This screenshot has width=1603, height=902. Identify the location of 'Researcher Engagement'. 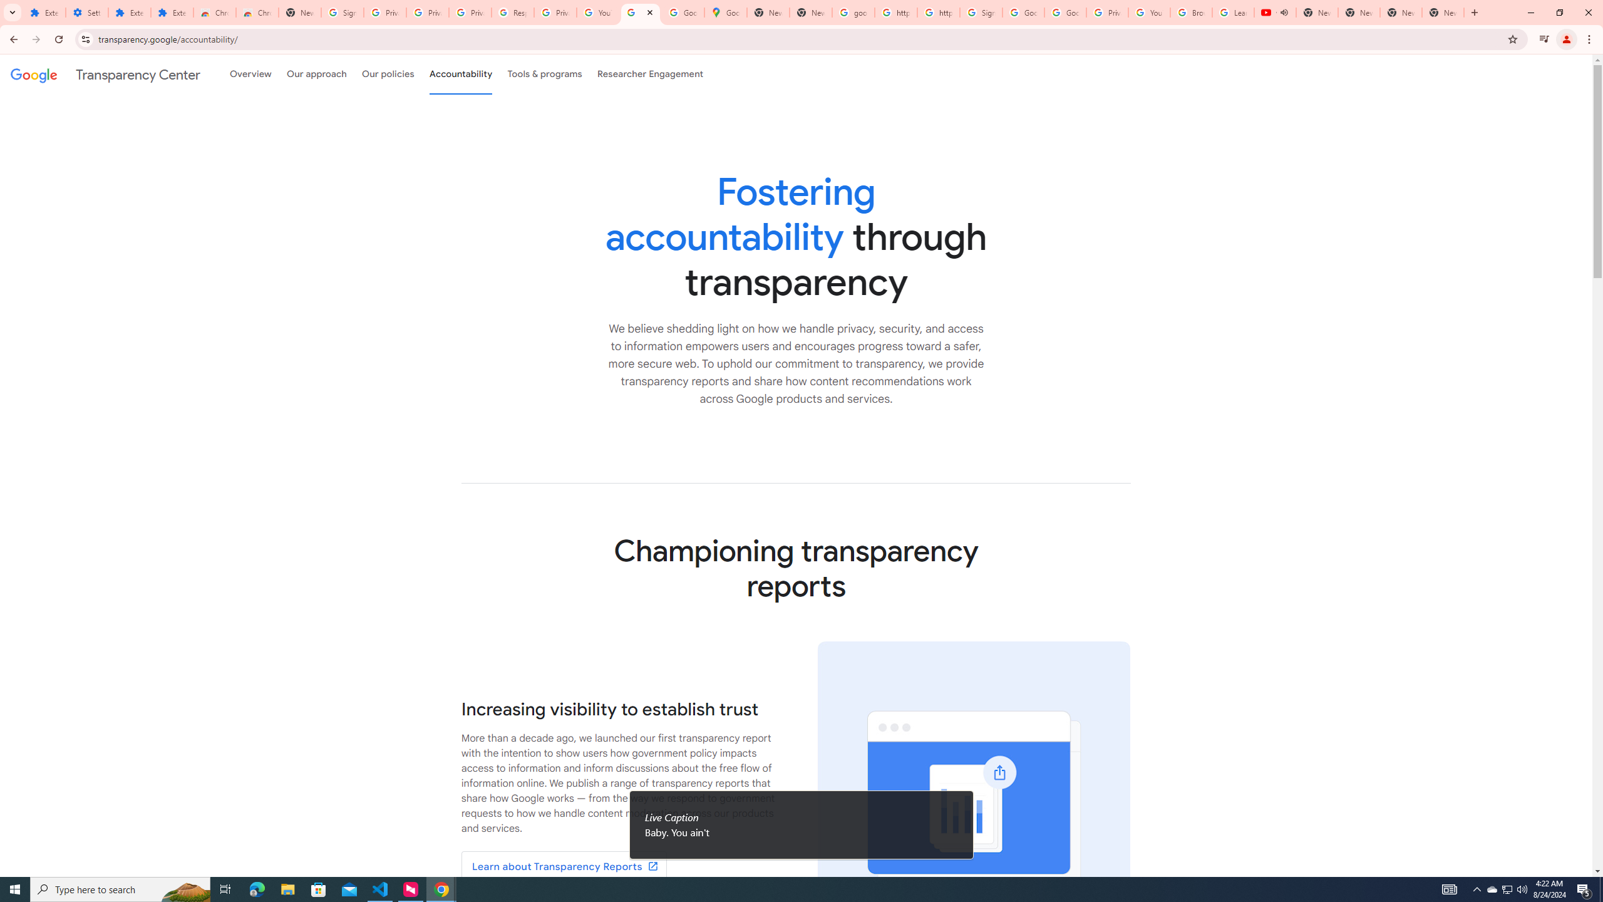
(651, 74).